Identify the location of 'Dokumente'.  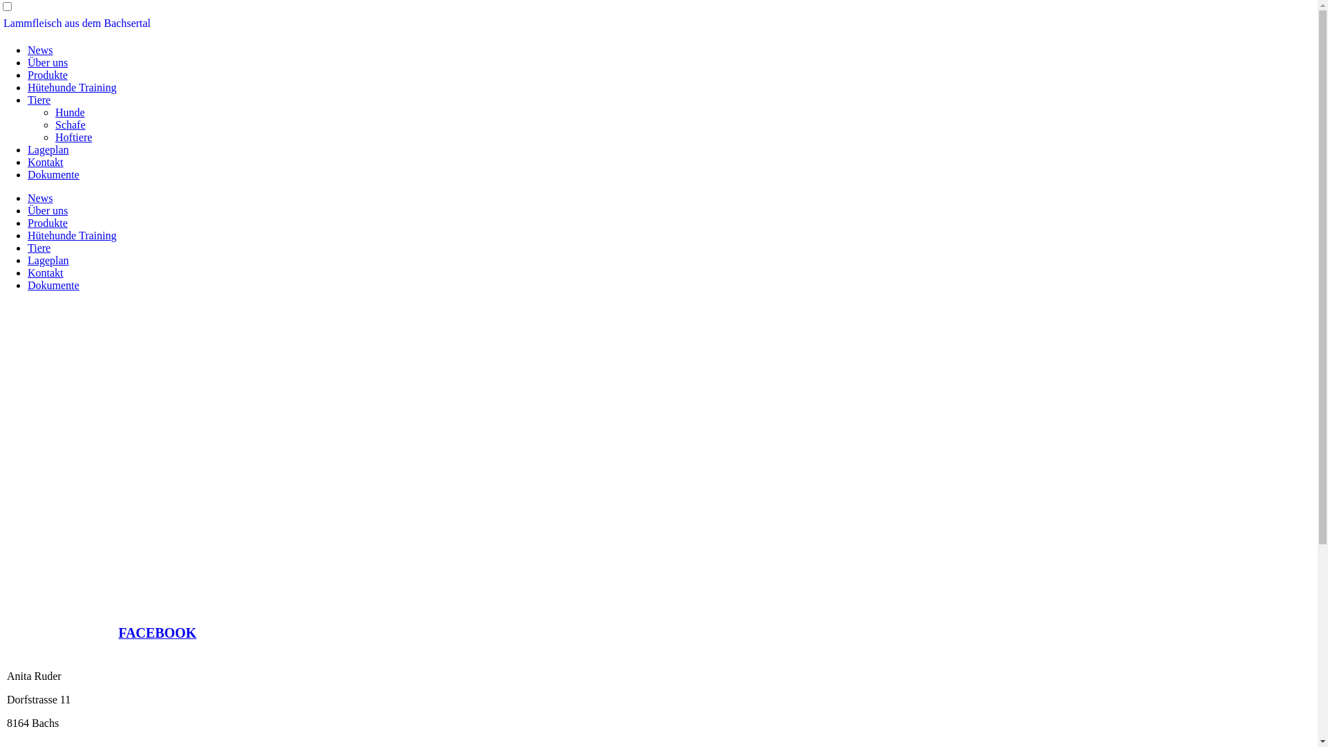
(53, 284).